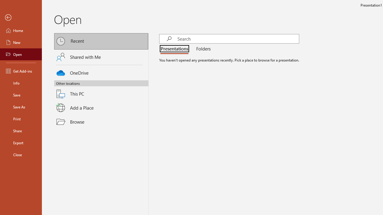  I want to click on 'Back', so click(21, 17).